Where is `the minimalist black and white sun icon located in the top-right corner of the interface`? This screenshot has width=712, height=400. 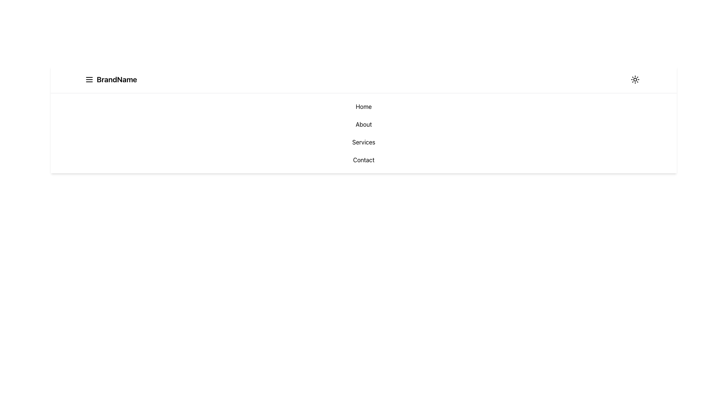
the minimalist black and white sun icon located in the top-right corner of the interface is located at coordinates (635, 80).